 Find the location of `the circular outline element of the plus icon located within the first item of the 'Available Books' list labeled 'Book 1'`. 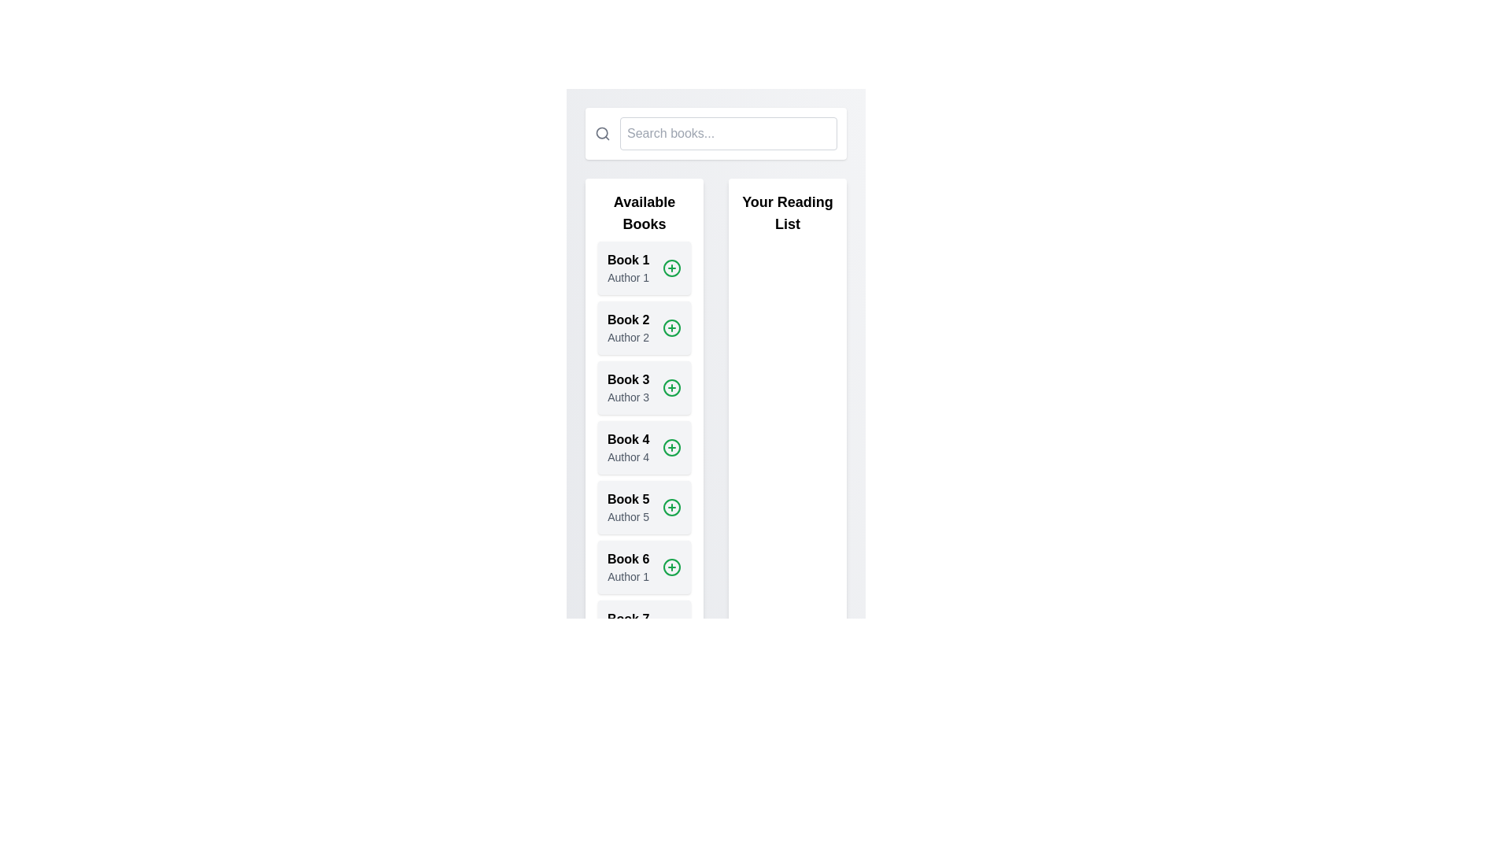

the circular outline element of the plus icon located within the first item of the 'Available Books' list labeled 'Book 1' is located at coordinates (672, 267).